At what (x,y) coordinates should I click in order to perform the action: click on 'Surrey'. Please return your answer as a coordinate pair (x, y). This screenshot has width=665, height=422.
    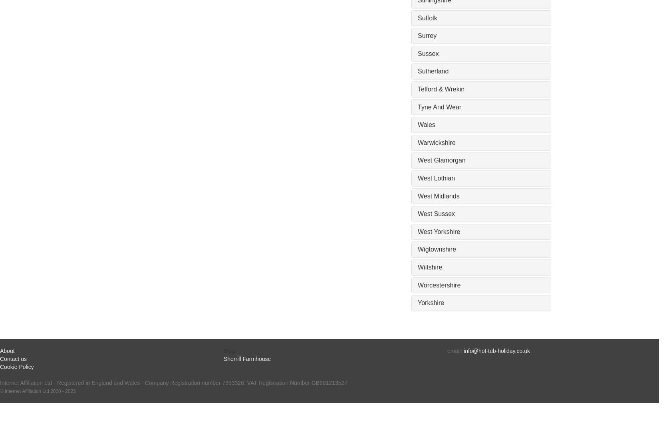
    Looking at the image, I should click on (417, 35).